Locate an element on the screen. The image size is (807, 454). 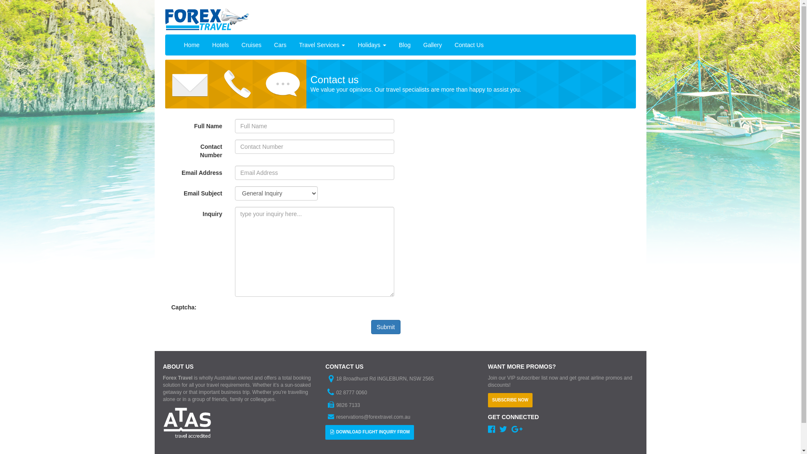
'Travel Services' is located at coordinates (293, 45).